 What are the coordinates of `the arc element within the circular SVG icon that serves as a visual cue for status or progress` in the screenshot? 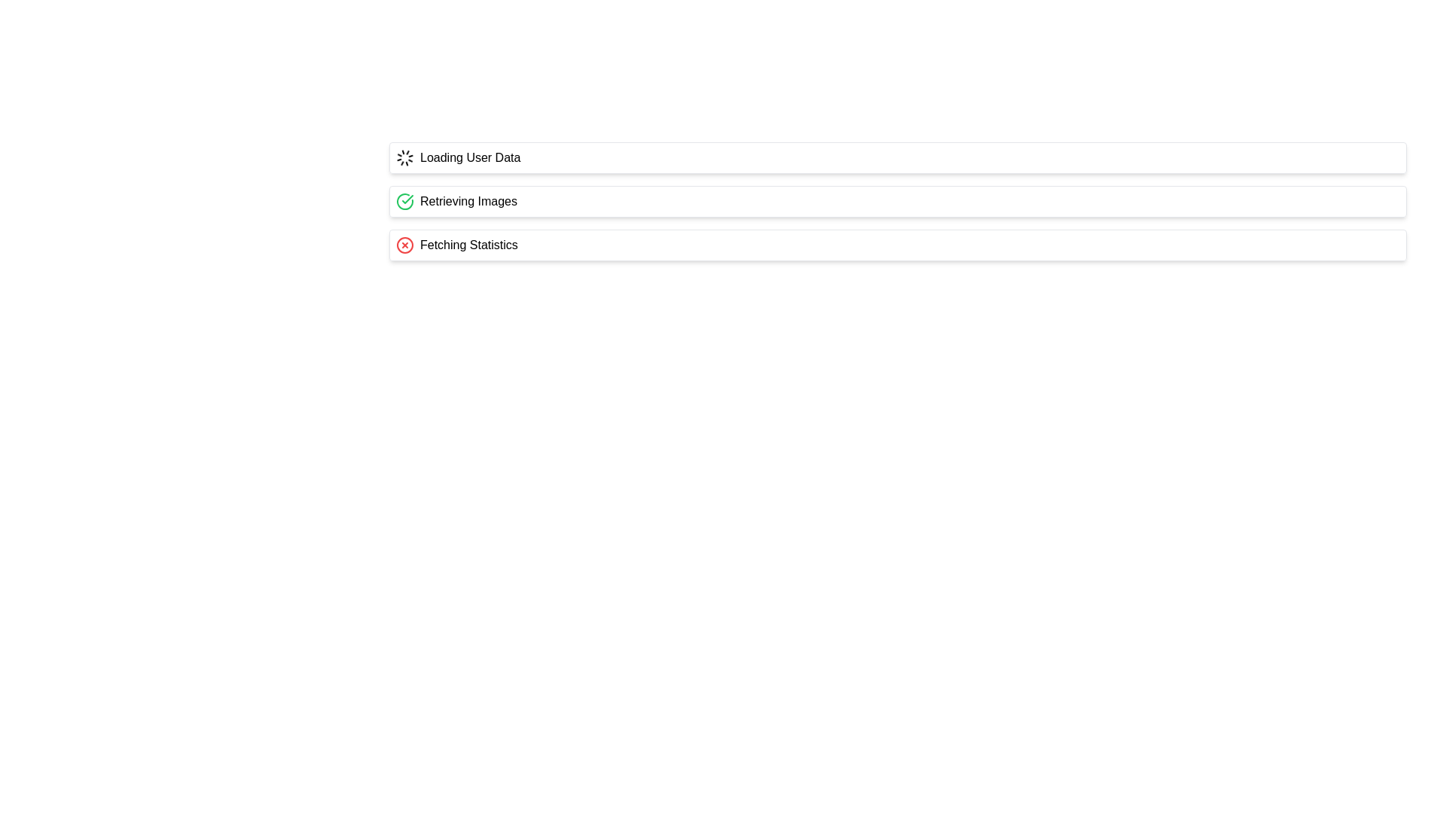 It's located at (404, 200).